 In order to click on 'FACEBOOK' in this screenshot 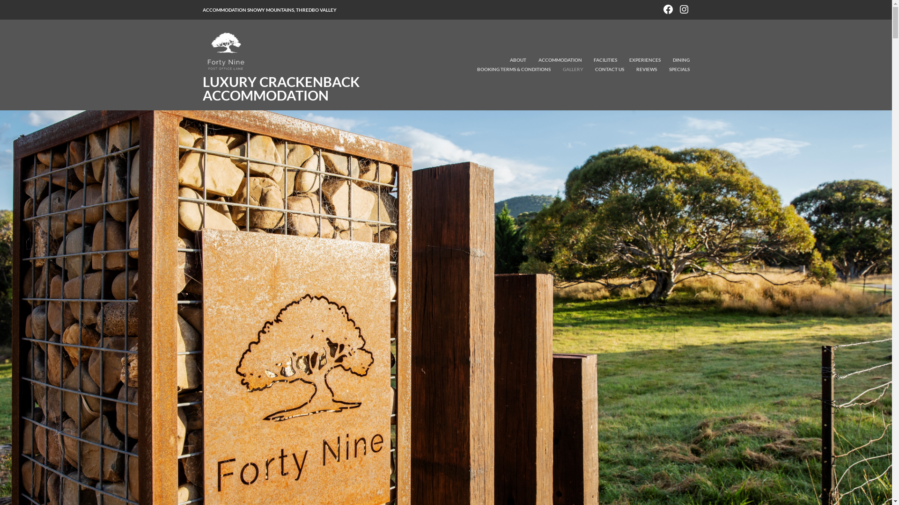, I will do `click(667, 8)`.